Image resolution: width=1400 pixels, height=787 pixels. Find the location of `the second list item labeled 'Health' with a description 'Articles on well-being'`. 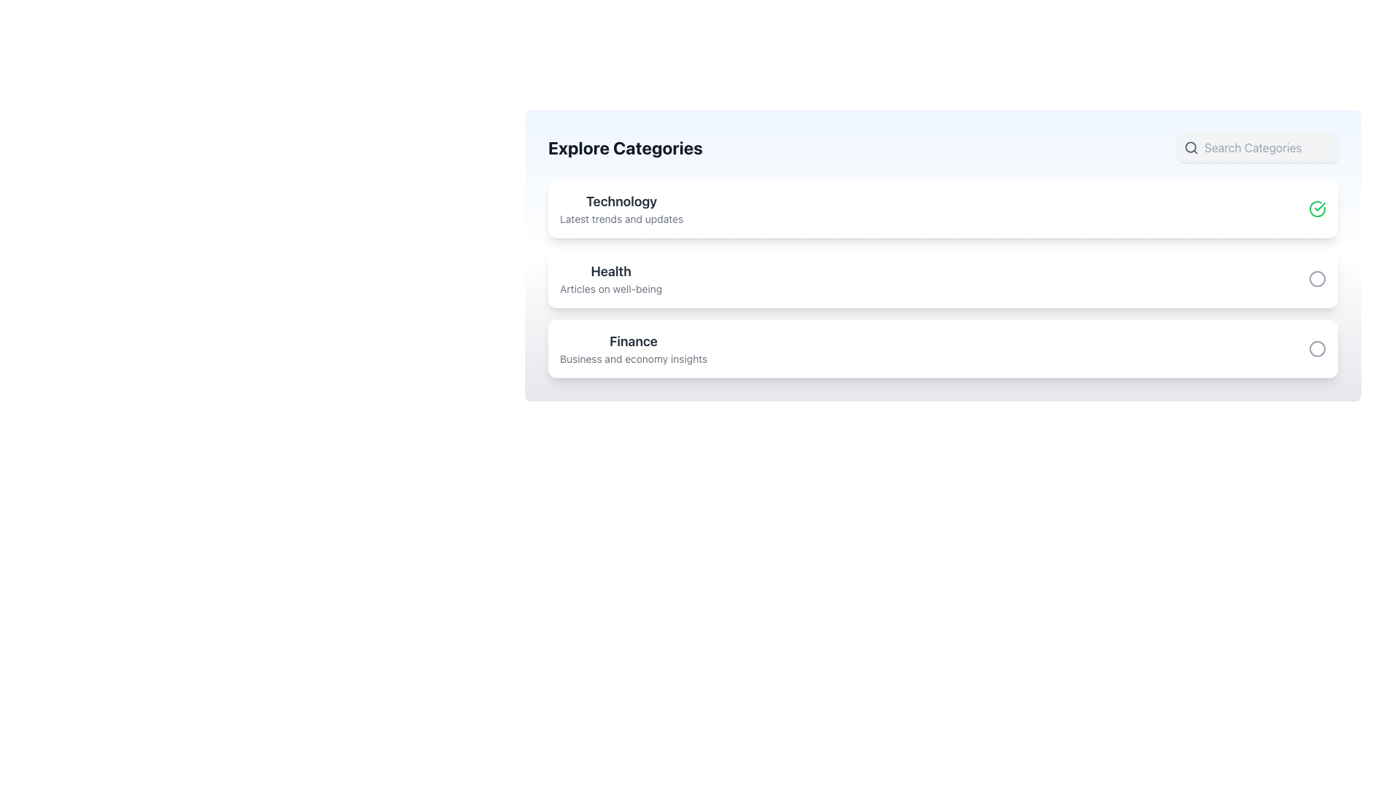

the second list item labeled 'Health' with a description 'Articles on well-being' is located at coordinates (943, 278).